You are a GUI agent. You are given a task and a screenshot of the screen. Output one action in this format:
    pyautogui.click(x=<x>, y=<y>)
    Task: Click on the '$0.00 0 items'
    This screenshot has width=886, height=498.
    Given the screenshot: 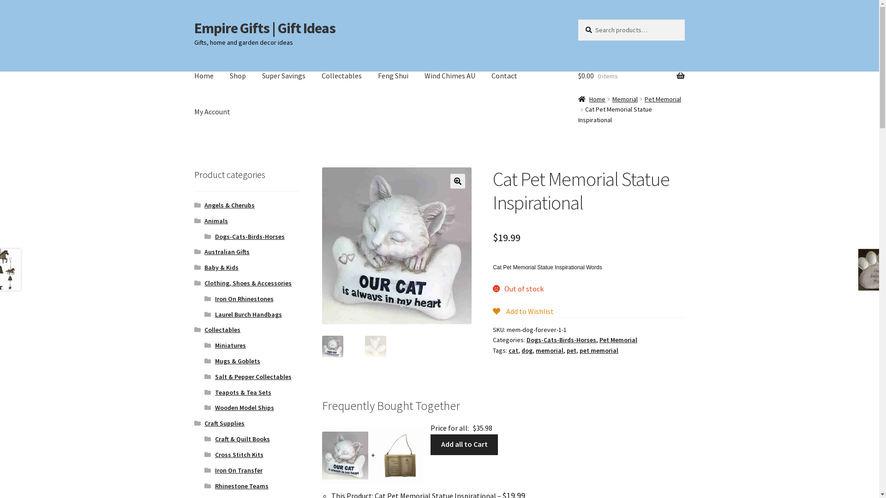 What is the action you would take?
    pyautogui.click(x=631, y=76)
    